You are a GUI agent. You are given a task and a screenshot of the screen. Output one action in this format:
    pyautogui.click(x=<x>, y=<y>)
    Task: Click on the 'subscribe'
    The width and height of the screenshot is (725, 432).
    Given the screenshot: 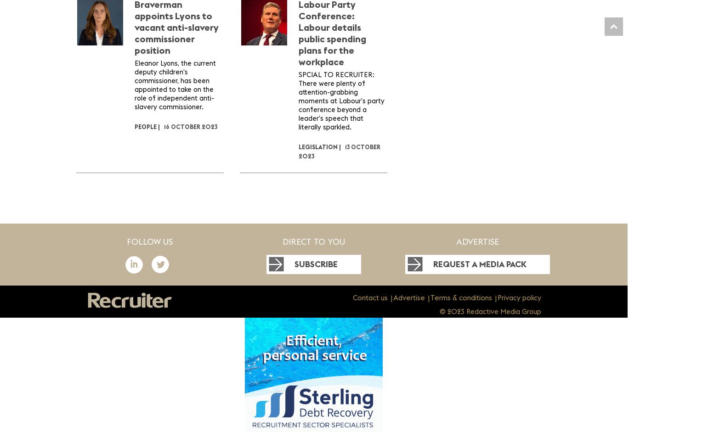 What is the action you would take?
    pyautogui.click(x=315, y=264)
    